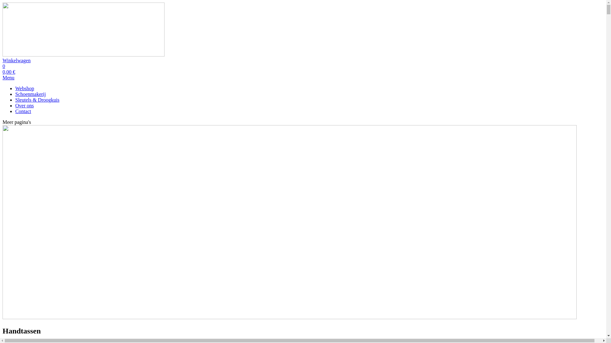  Describe the element at coordinates (25, 88) in the screenshot. I see `'Webshop'` at that location.